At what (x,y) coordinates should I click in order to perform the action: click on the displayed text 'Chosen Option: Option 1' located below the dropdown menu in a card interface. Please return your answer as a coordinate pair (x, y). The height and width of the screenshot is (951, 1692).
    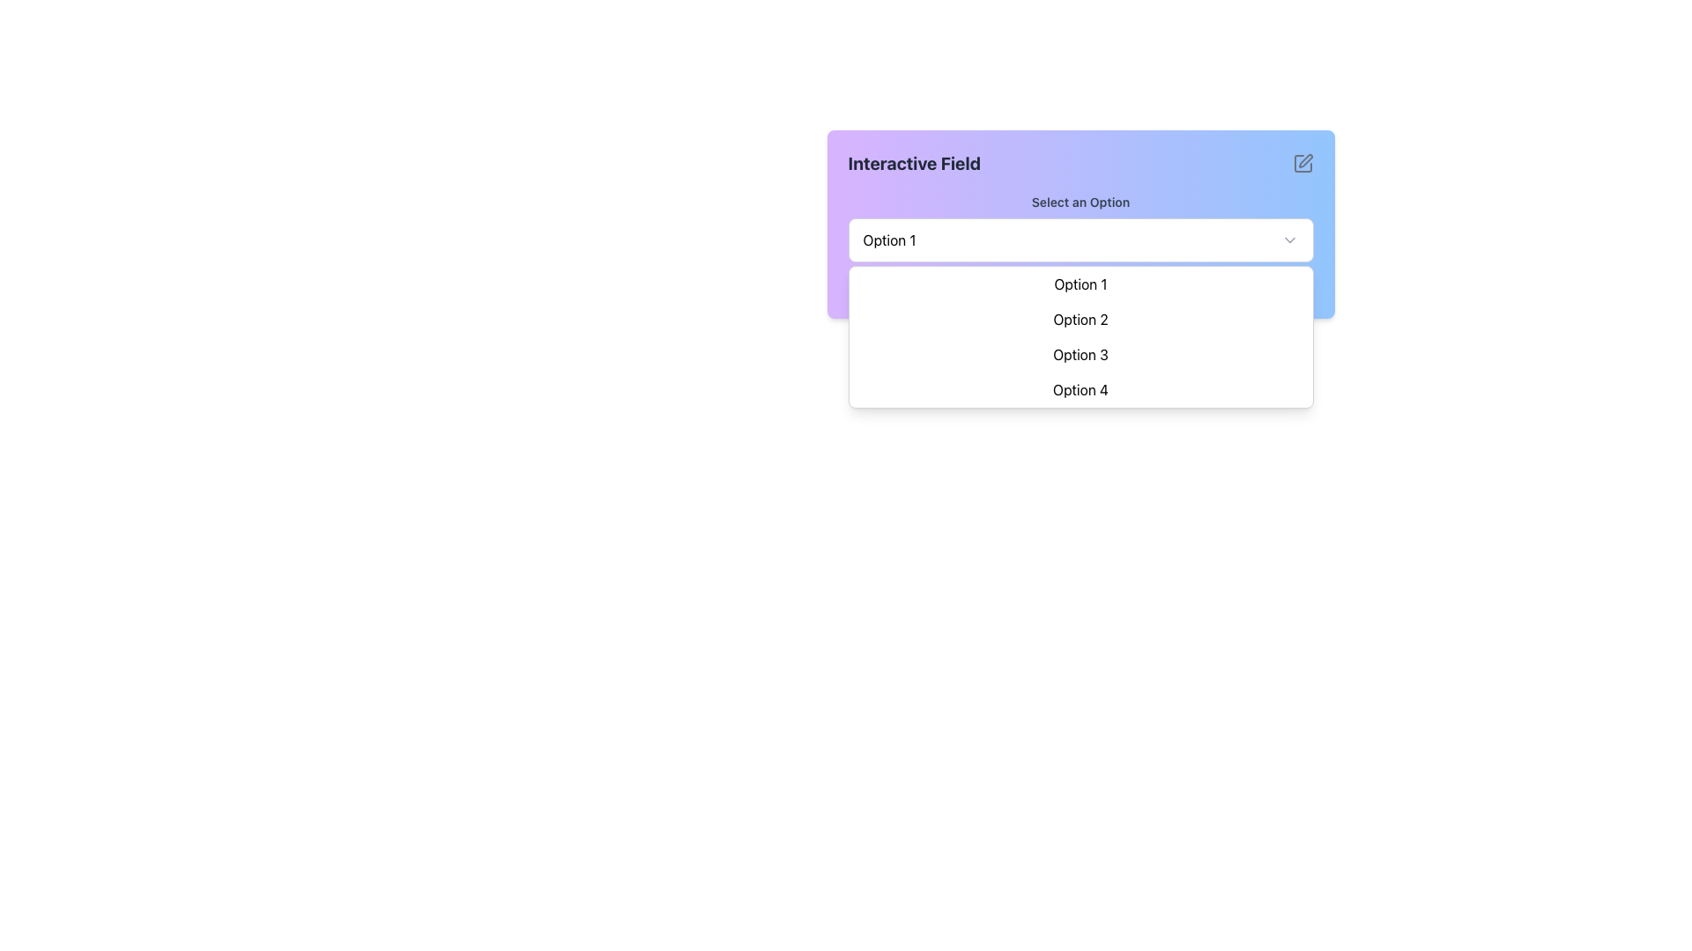
    Looking at the image, I should click on (1080, 287).